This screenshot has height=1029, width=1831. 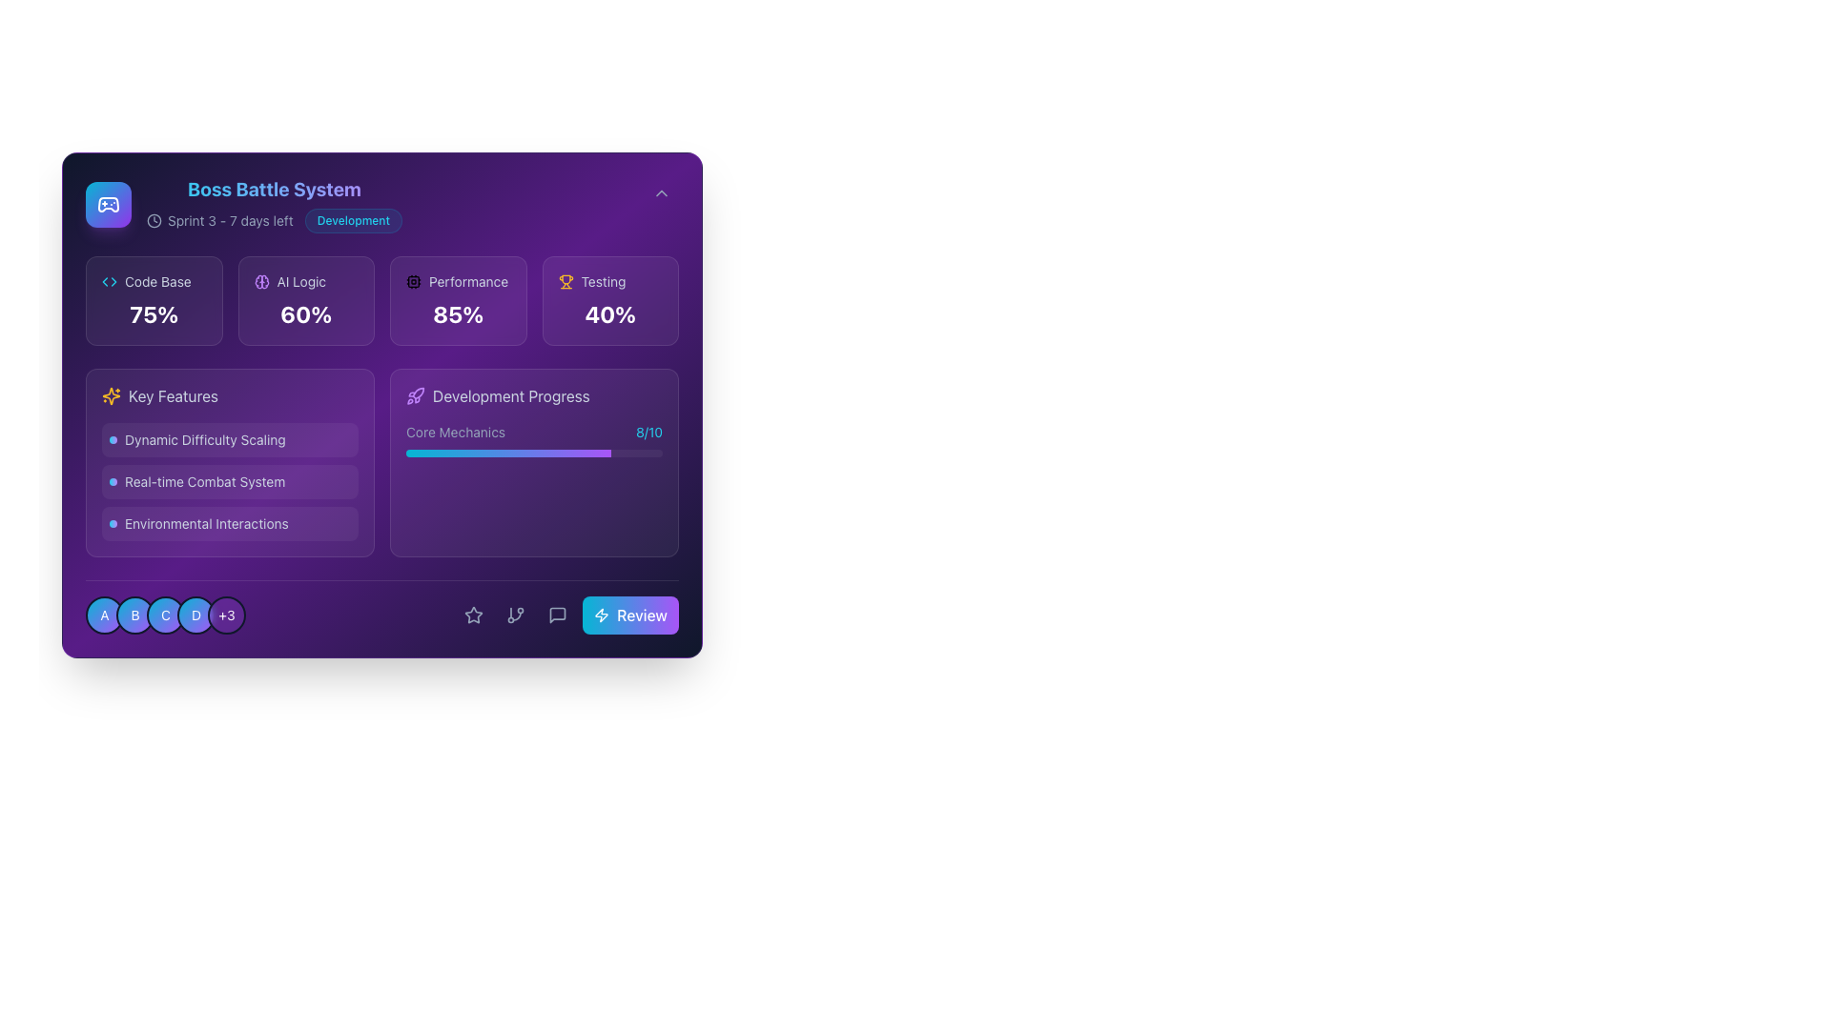 What do you see at coordinates (565, 282) in the screenshot?
I see `the amber trophy icon located immediately to the left of the 'Testing' label at the top-right section of the interface` at bounding box center [565, 282].